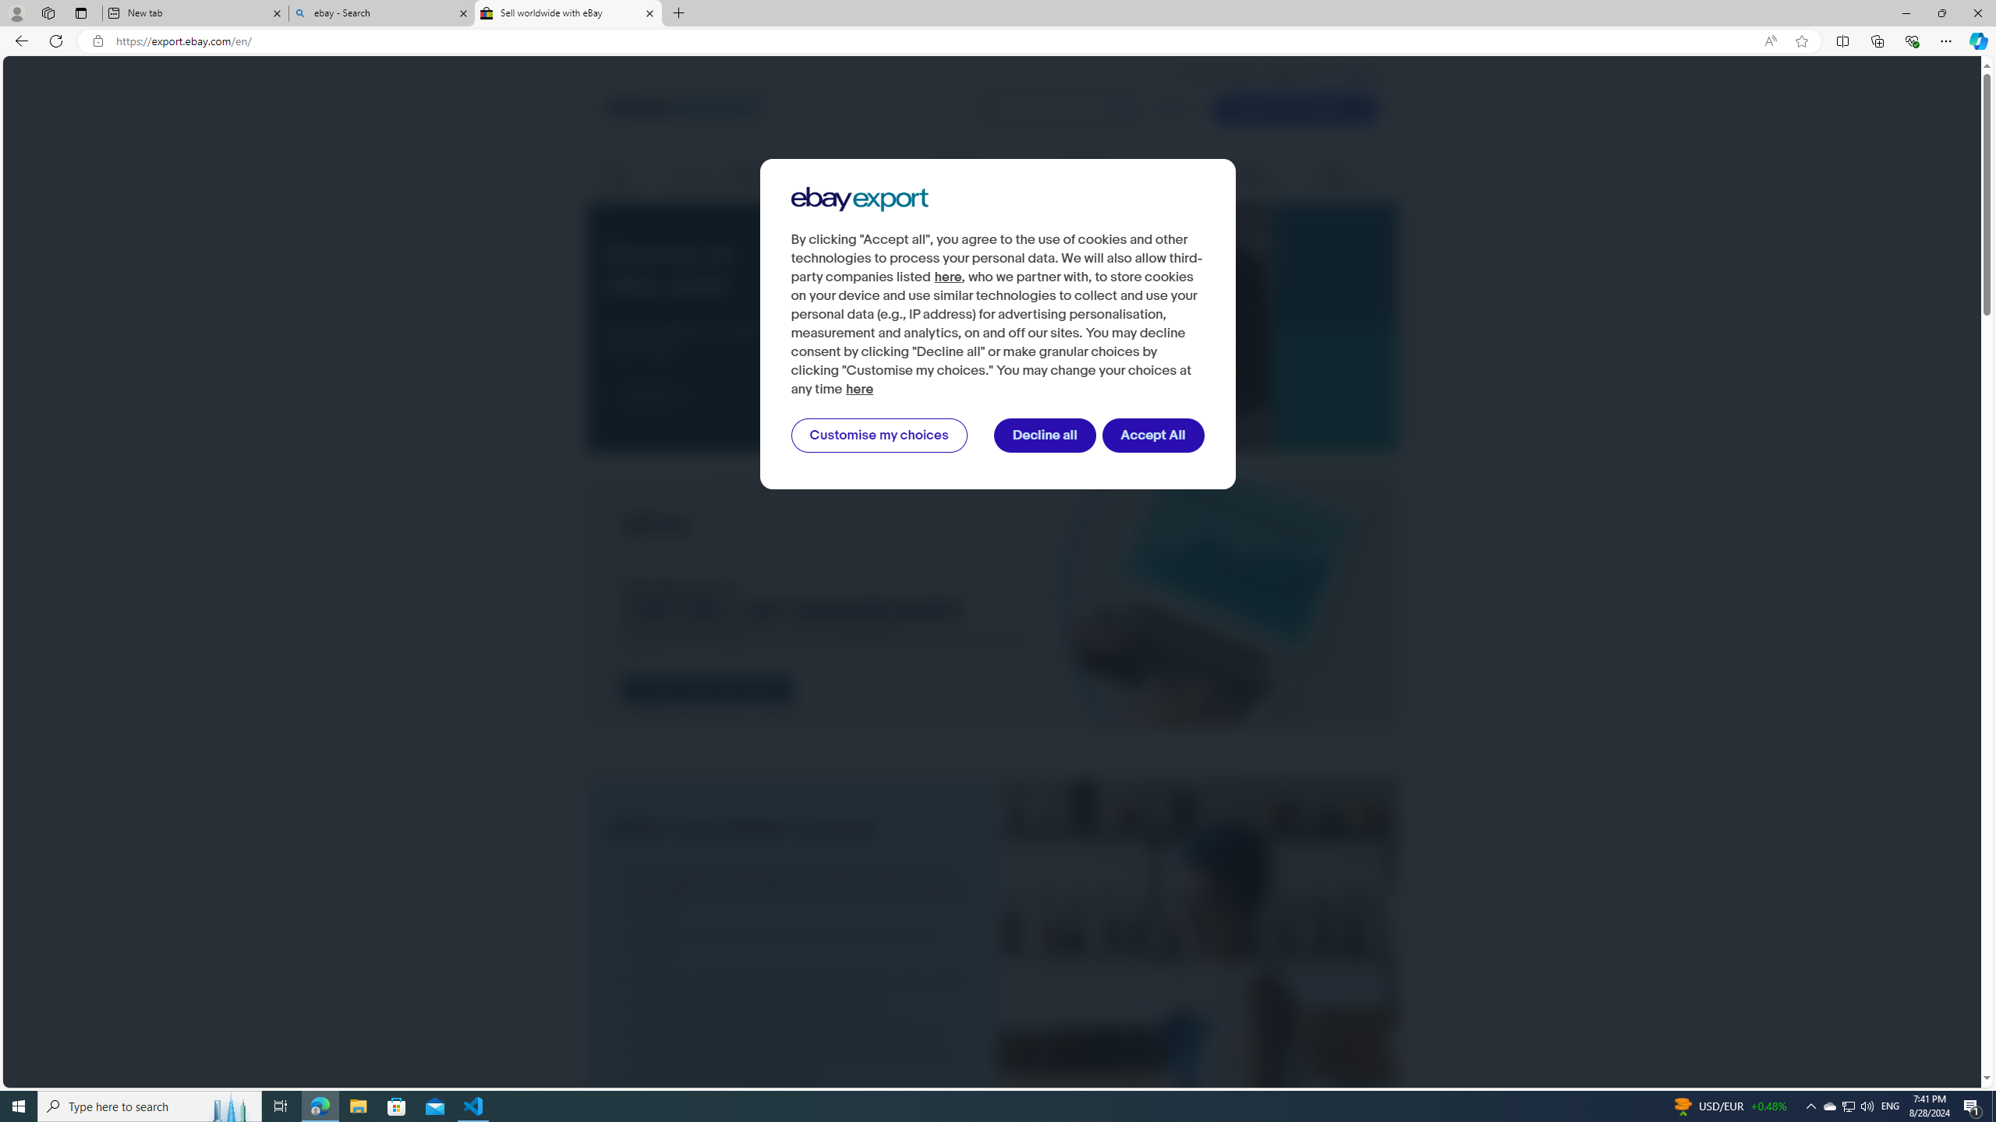  Describe the element at coordinates (1977, 40) in the screenshot. I see `'Copilot (Ctrl+Shift+.)'` at that location.